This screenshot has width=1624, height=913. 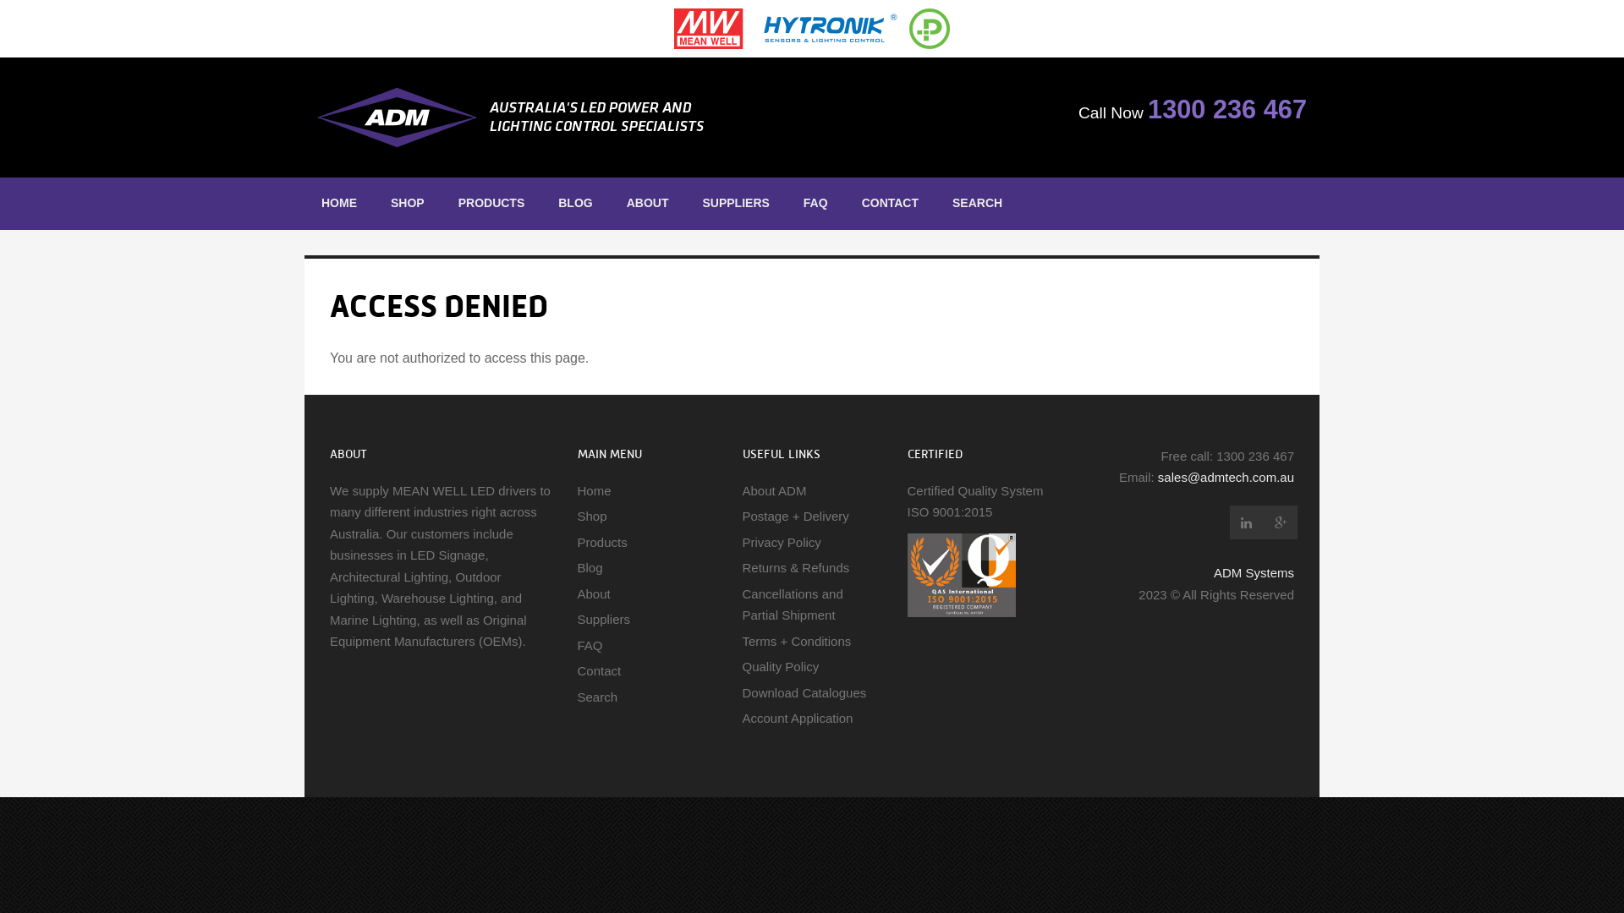 I want to click on 'SEARCH', so click(x=977, y=202).